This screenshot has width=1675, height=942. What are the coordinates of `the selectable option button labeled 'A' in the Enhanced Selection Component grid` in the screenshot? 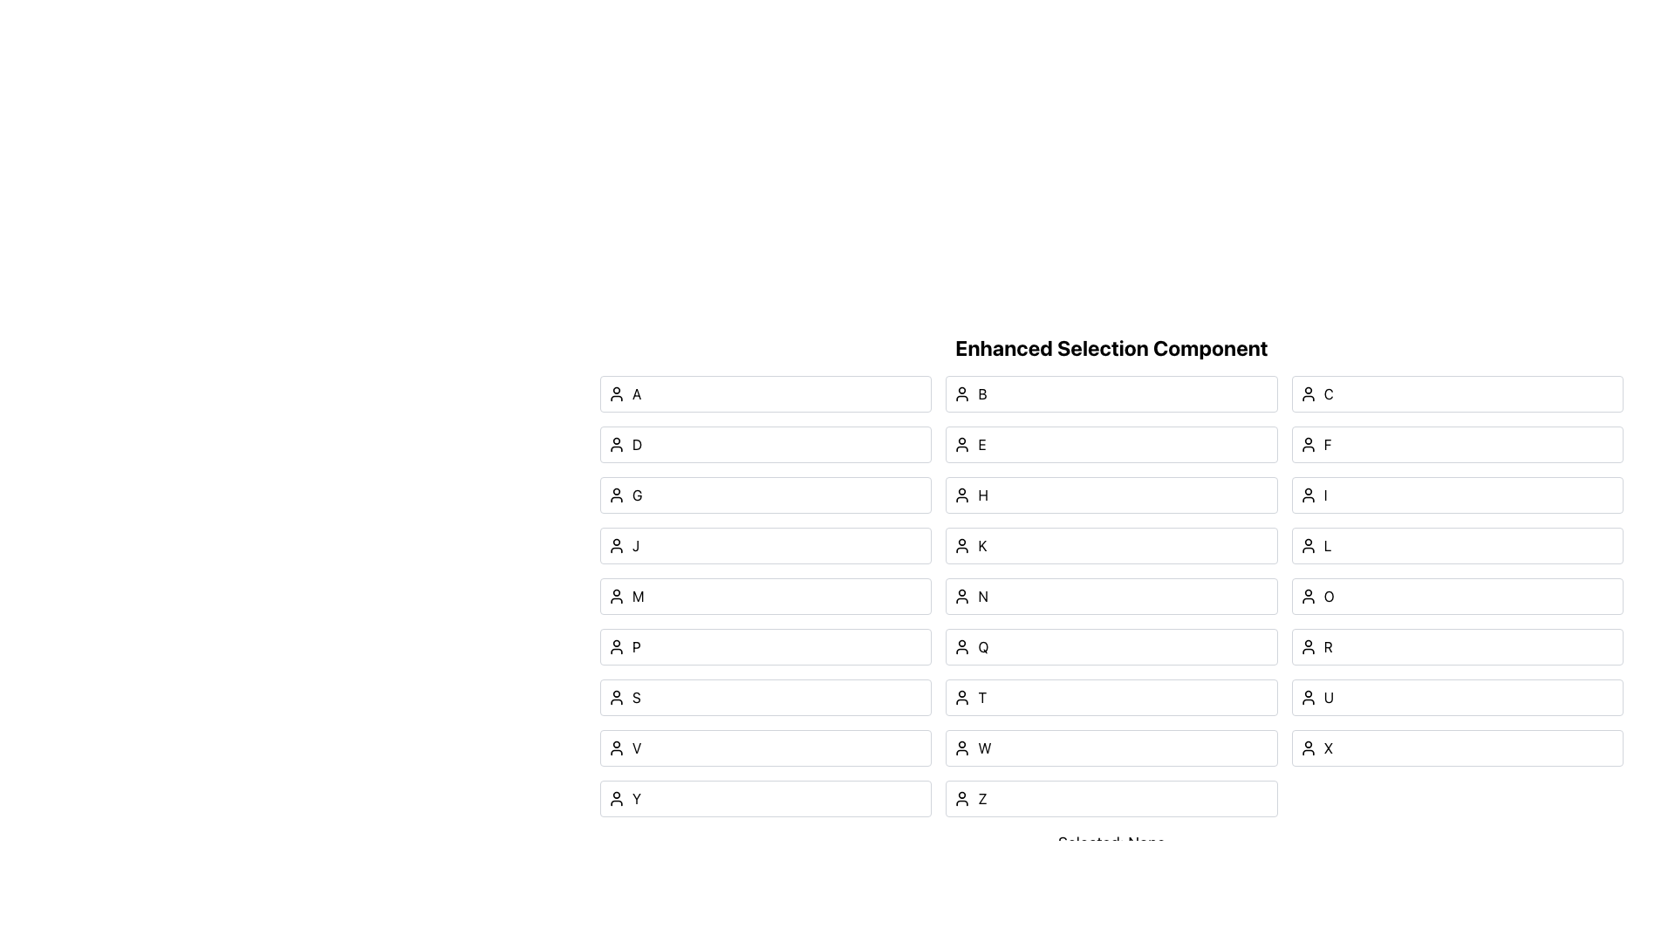 It's located at (766, 393).